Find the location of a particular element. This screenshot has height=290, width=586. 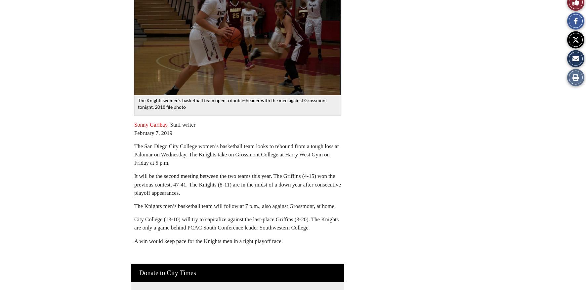

'A win would keep pace for the Knights men in a tight playoff race.' is located at coordinates (208, 240).